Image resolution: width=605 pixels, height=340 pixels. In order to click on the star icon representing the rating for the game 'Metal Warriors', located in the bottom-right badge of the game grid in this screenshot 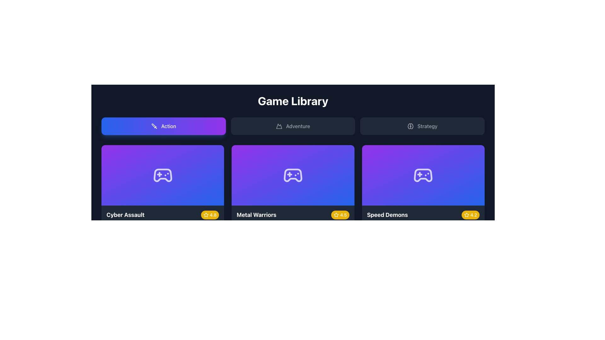, I will do `click(336, 214)`.